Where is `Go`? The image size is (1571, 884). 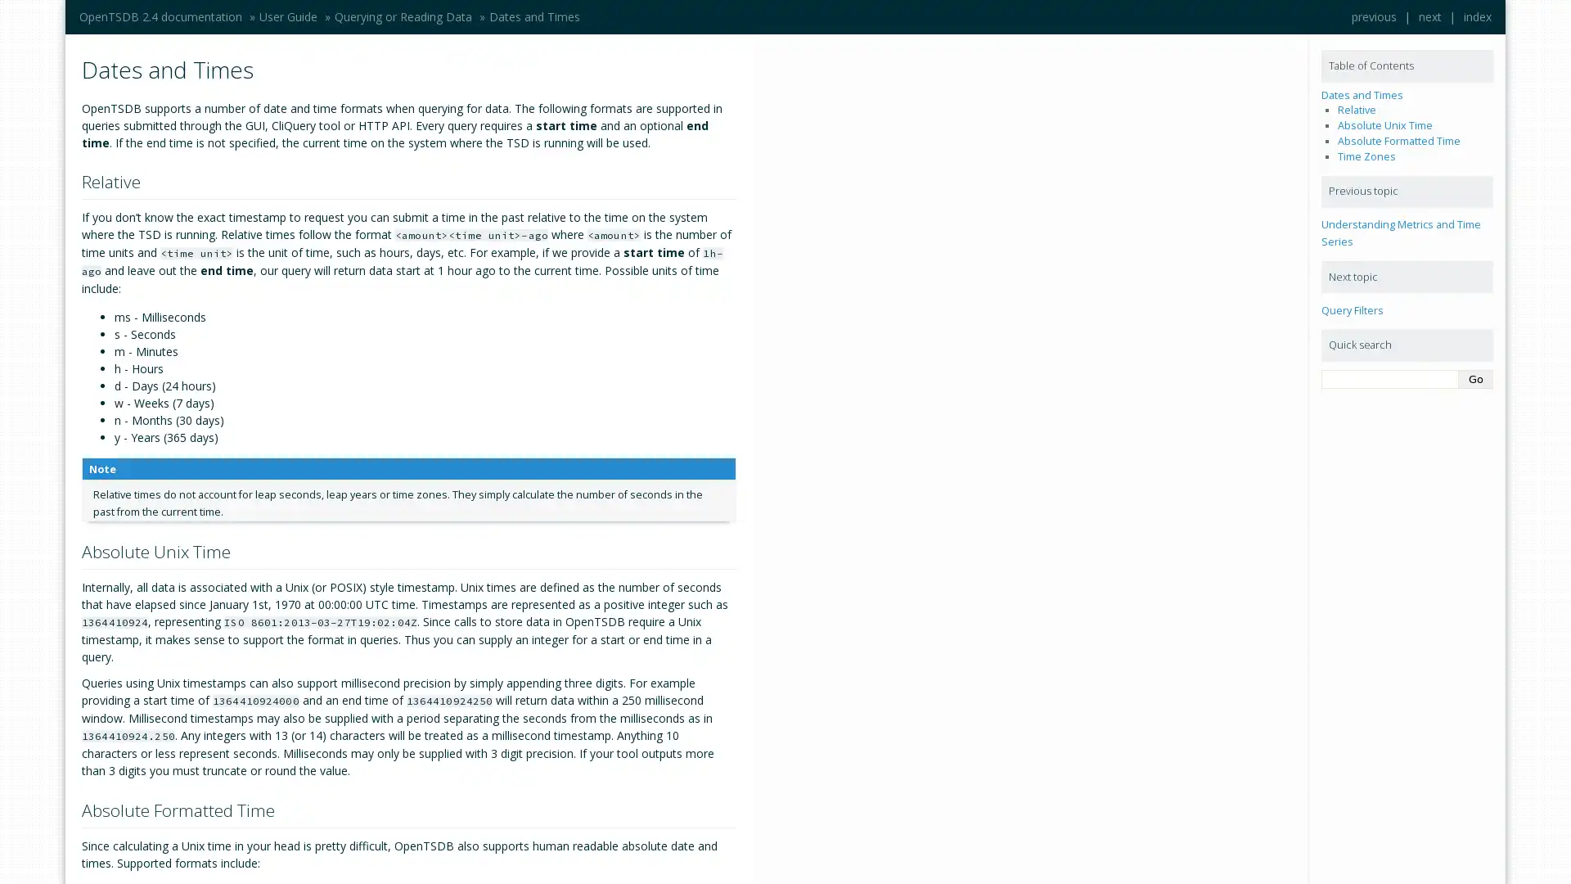 Go is located at coordinates (1476, 378).